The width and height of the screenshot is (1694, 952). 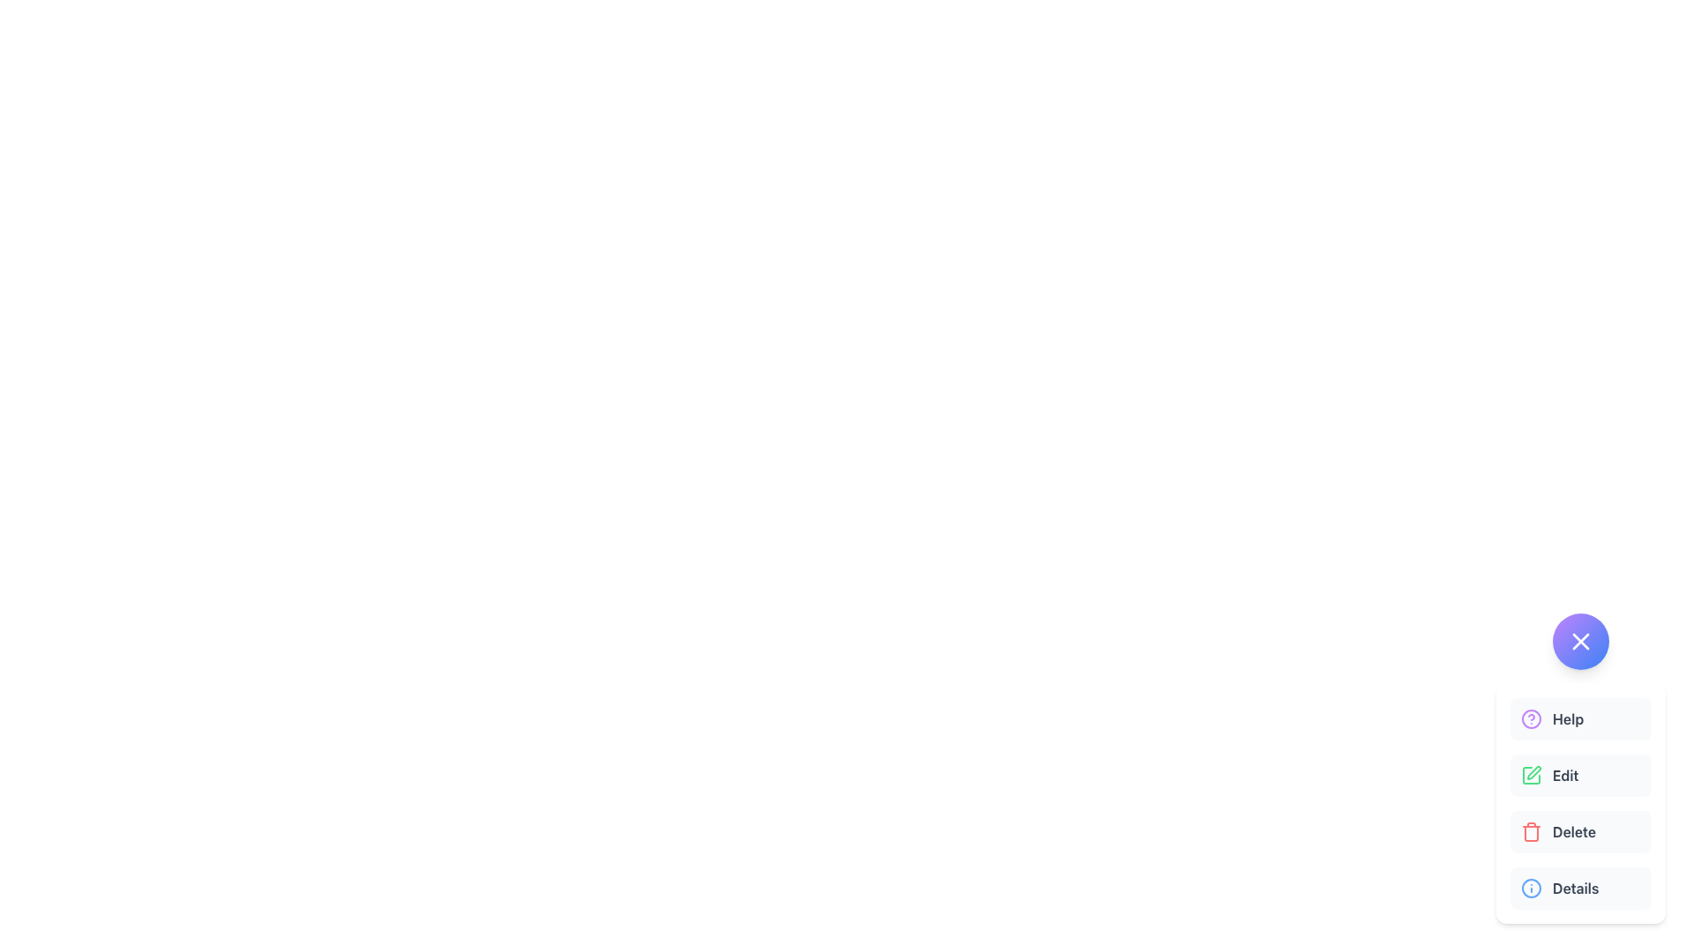 What do you see at coordinates (1531, 774) in the screenshot?
I see `the green pen icon located in the second row labeled 'Edit', positioned to the left of the text label` at bounding box center [1531, 774].